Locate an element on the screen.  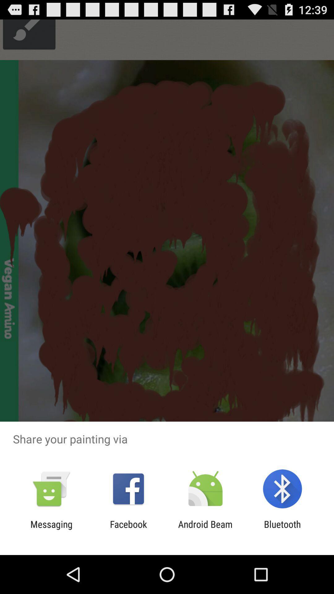
the icon to the left of the android beam is located at coordinates (128, 529).